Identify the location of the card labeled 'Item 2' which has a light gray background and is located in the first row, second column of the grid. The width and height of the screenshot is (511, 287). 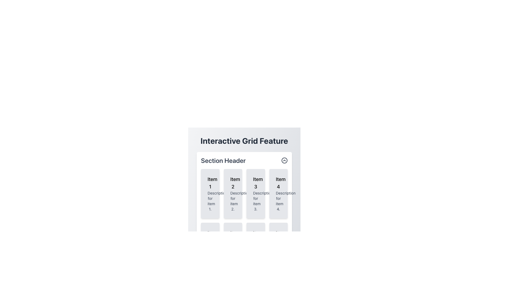
(233, 194).